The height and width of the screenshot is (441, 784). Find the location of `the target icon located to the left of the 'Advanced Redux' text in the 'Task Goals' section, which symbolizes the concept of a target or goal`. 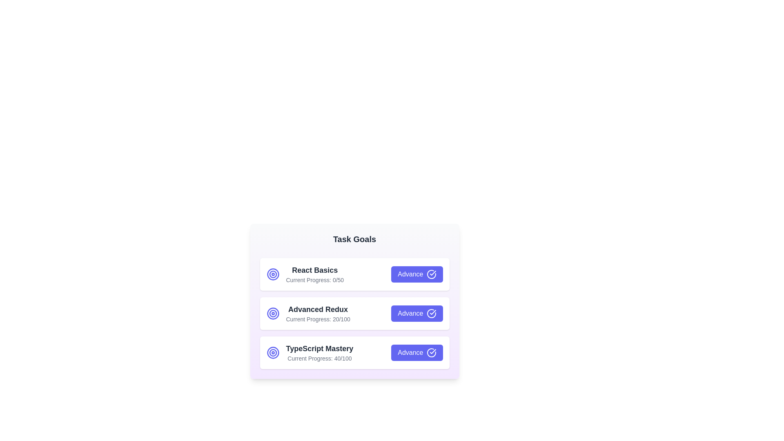

the target icon located to the left of the 'Advanced Redux' text in the 'Task Goals' section, which symbolizes the concept of a target or goal is located at coordinates (273, 313).